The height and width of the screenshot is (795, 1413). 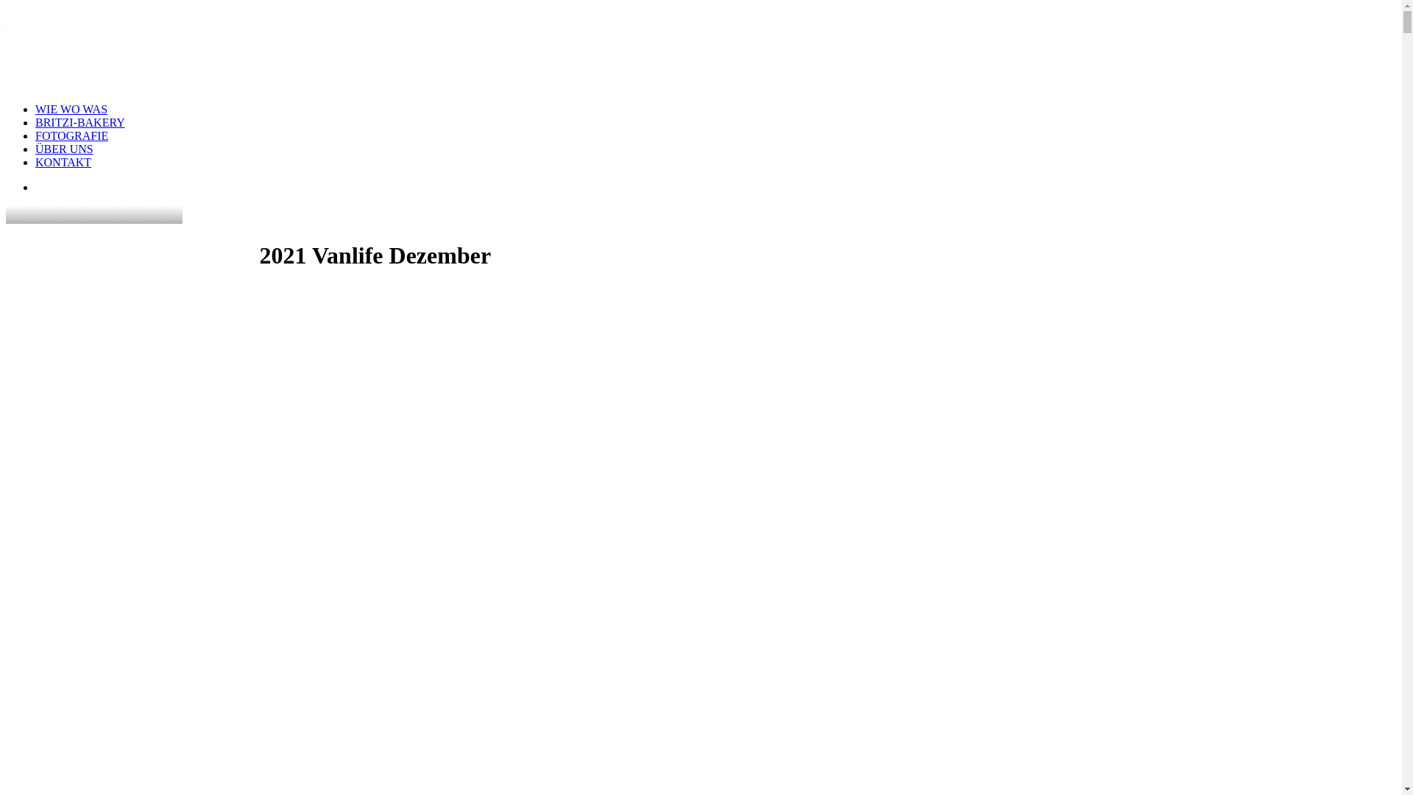 I want to click on 'WIE WO WAS', so click(x=35, y=108).